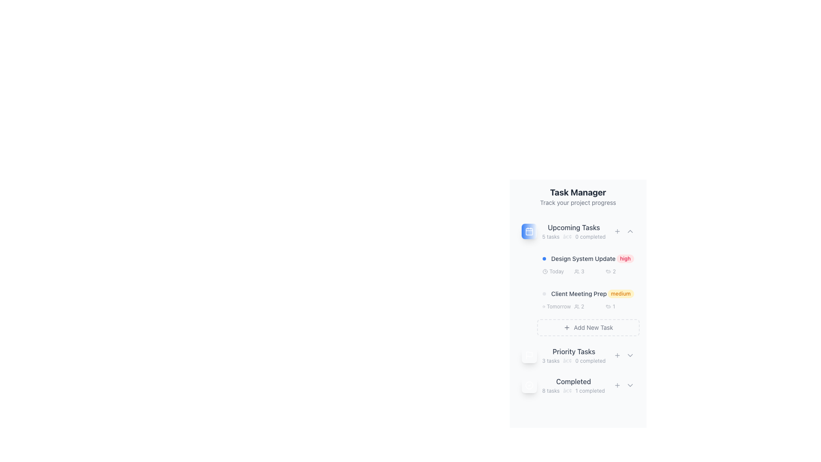 This screenshot has height=462, width=821. I want to click on the small rounded rectangular button with a gradient background and a calendar icon, located in the 'Upcoming Tasks' section to the left of the text 'Upcoming Tasks', so click(529, 231).